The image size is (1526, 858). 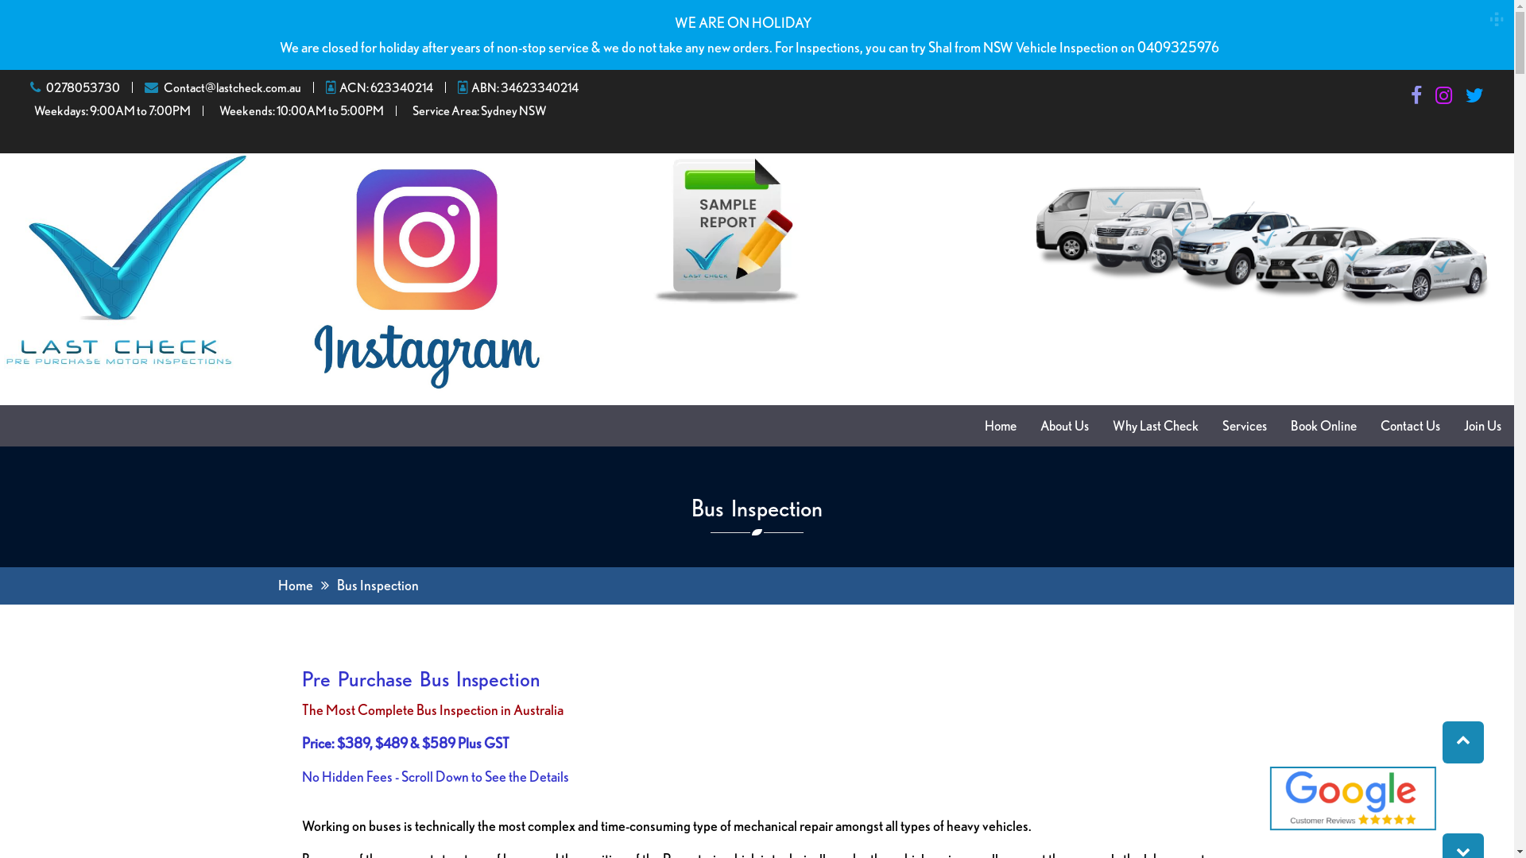 What do you see at coordinates (1243, 425) in the screenshot?
I see `'Services'` at bounding box center [1243, 425].